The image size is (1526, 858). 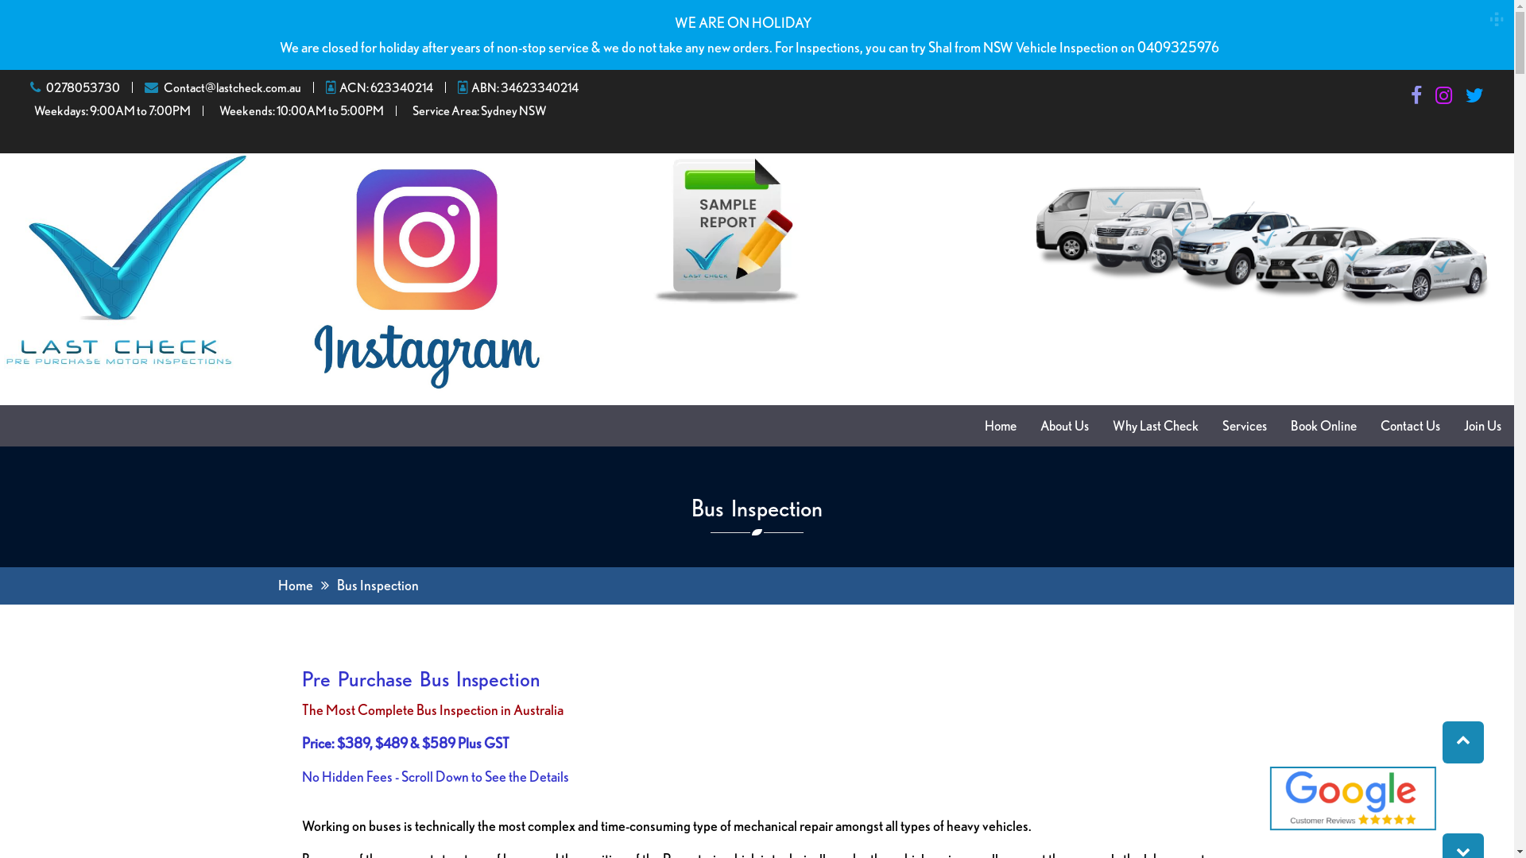 What do you see at coordinates (1243, 425) in the screenshot?
I see `'Services'` at bounding box center [1243, 425].